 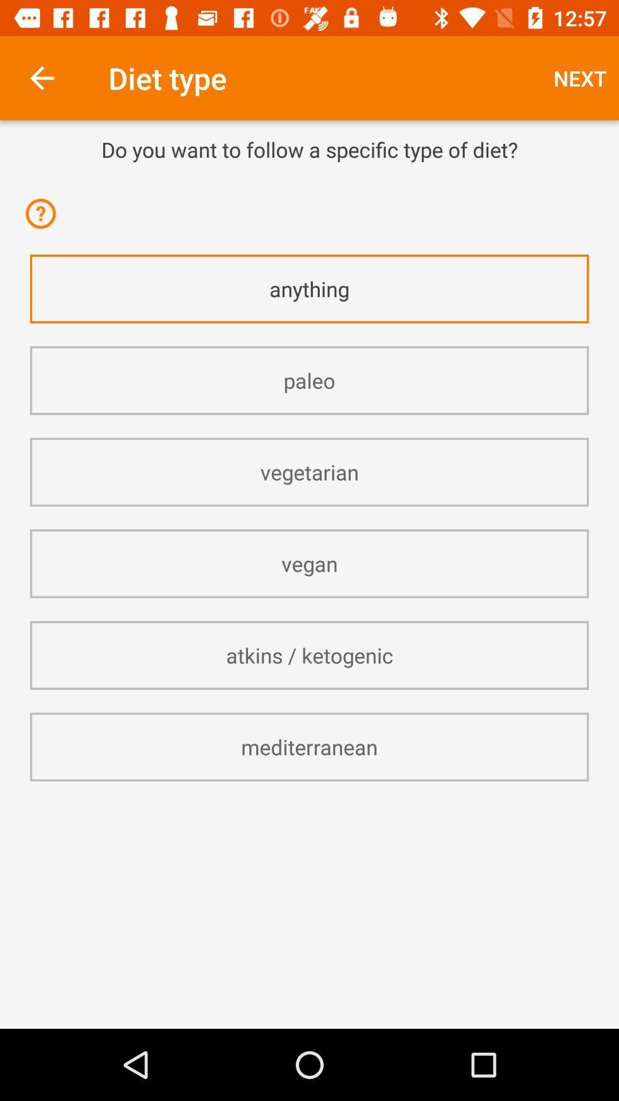 I want to click on the item above the do you want item, so click(x=580, y=77).